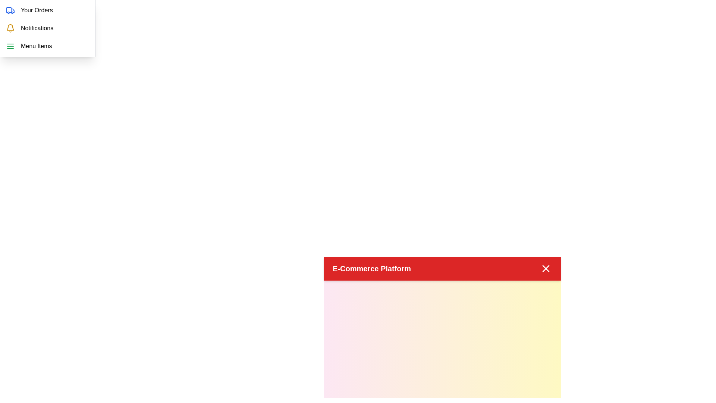  What do you see at coordinates (47, 10) in the screenshot?
I see `keyboard navigation` at bounding box center [47, 10].